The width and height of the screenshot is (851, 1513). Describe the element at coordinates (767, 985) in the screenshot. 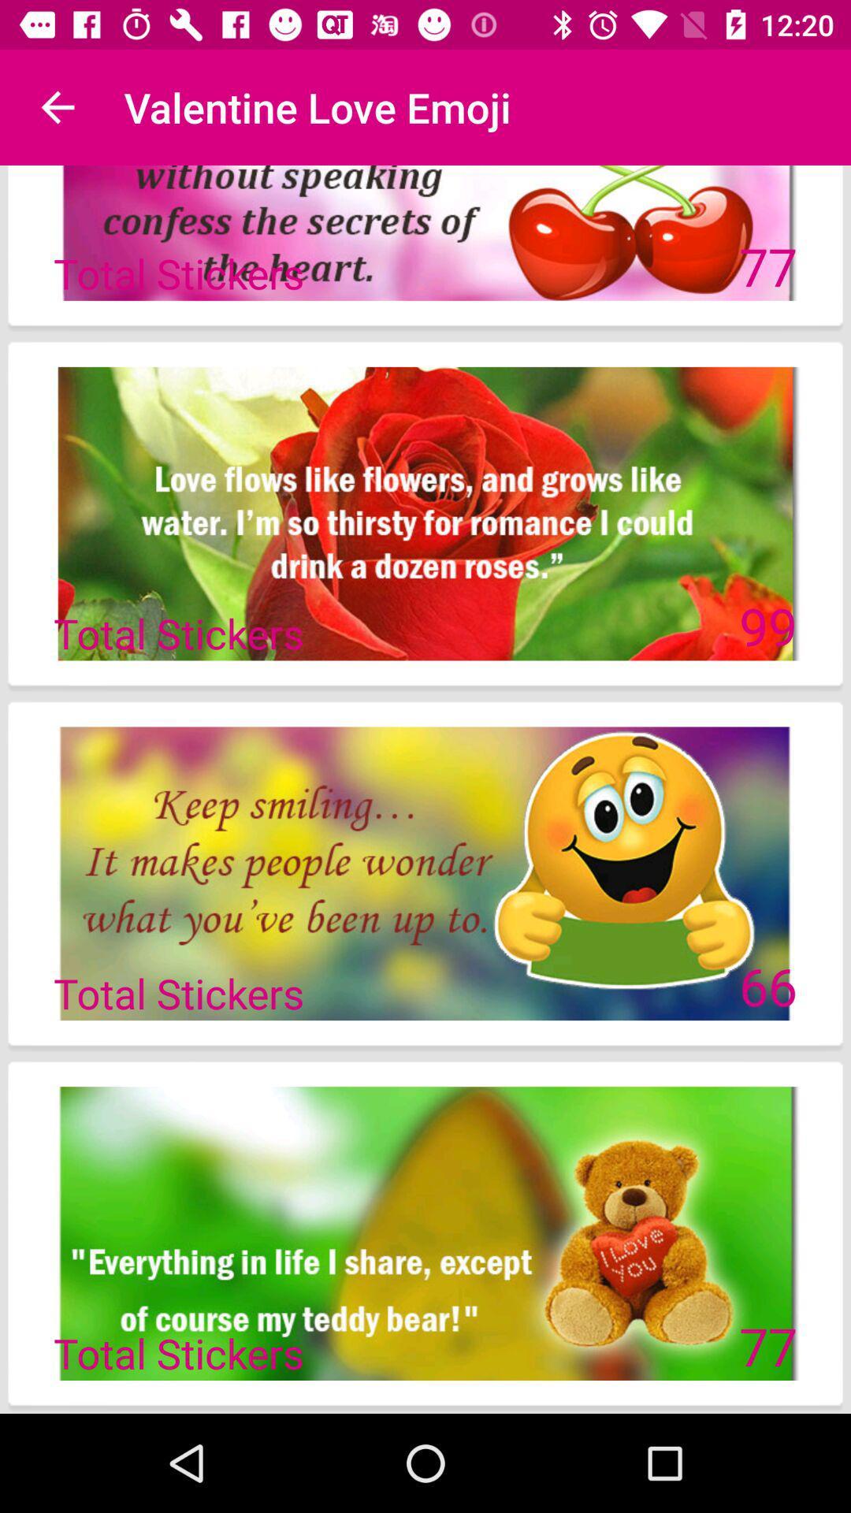

I see `the icon next to the total stickers icon` at that location.